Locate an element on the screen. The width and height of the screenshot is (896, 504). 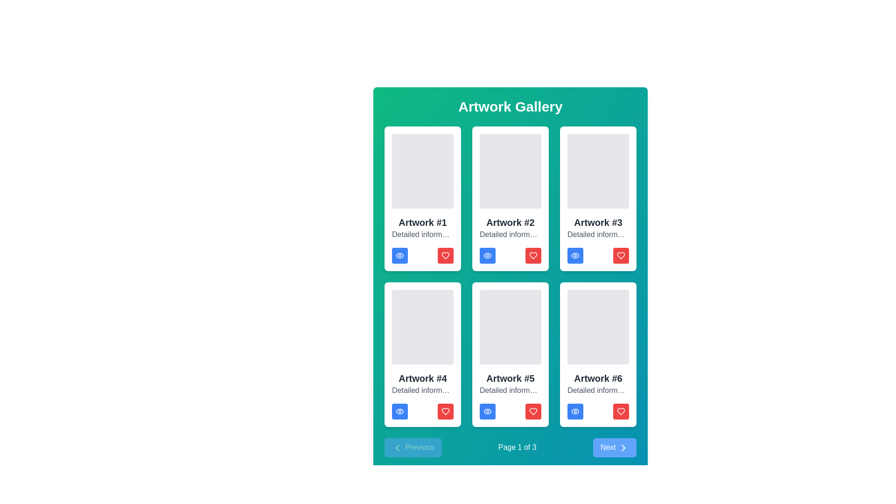
the small red button with rounded corners and a heart-shaped icon located in the third artwork card of the first row is located at coordinates (621, 255).